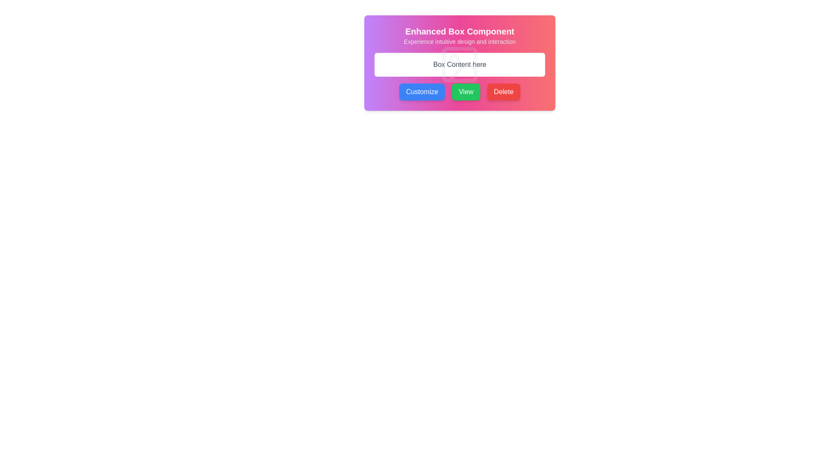 The width and height of the screenshot is (819, 460). I want to click on the red rectangular 'Delete' button with white bold text for keyboard navigation, so click(503, 92).